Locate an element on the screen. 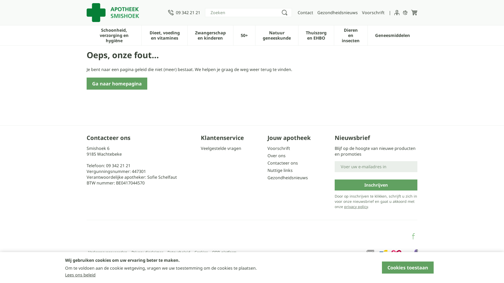 This screenshot has width=504, height=283. '50+' is located at coordinates (244, 35).